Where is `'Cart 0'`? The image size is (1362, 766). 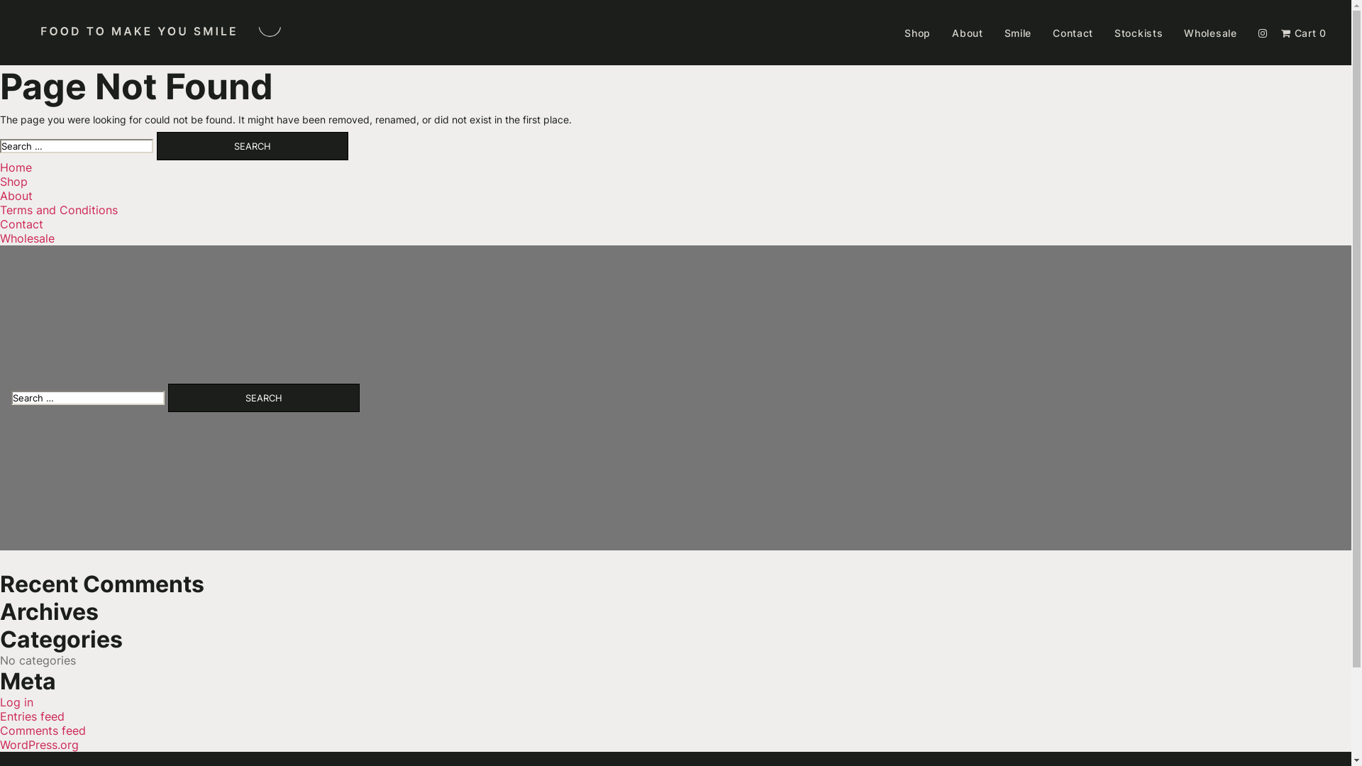
'Cart 0' is located at coordinates (1304, 32).